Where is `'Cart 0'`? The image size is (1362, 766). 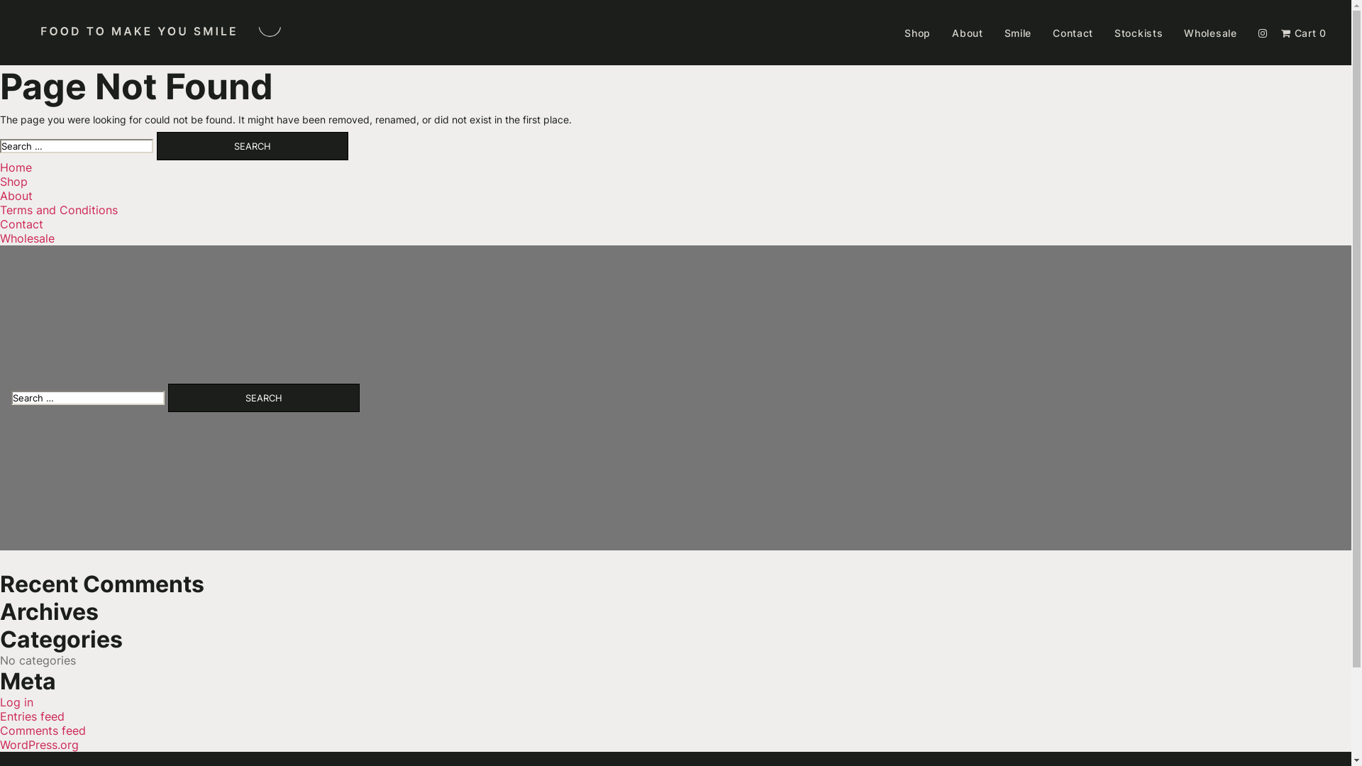
'Cart 0' is located at coordinates (1304, 32).